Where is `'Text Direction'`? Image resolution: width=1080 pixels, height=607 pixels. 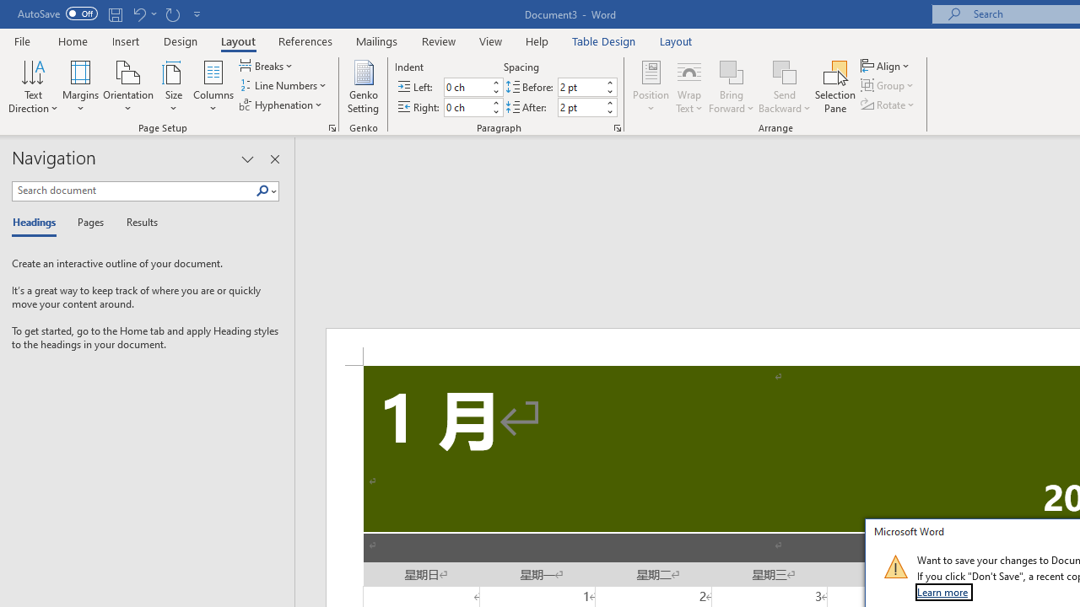
'Text Direction' is located at coordinates (33, 87).